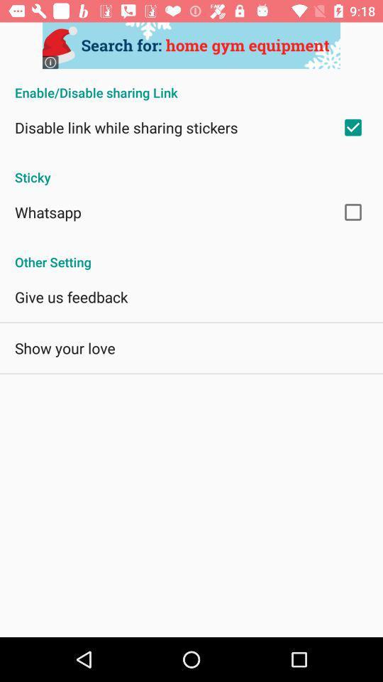 The height and width of the screenshot is (682, 383). Describe the element at coordinates (70, 296) in the screenshot. I see `the app above the show your love item` at that location.